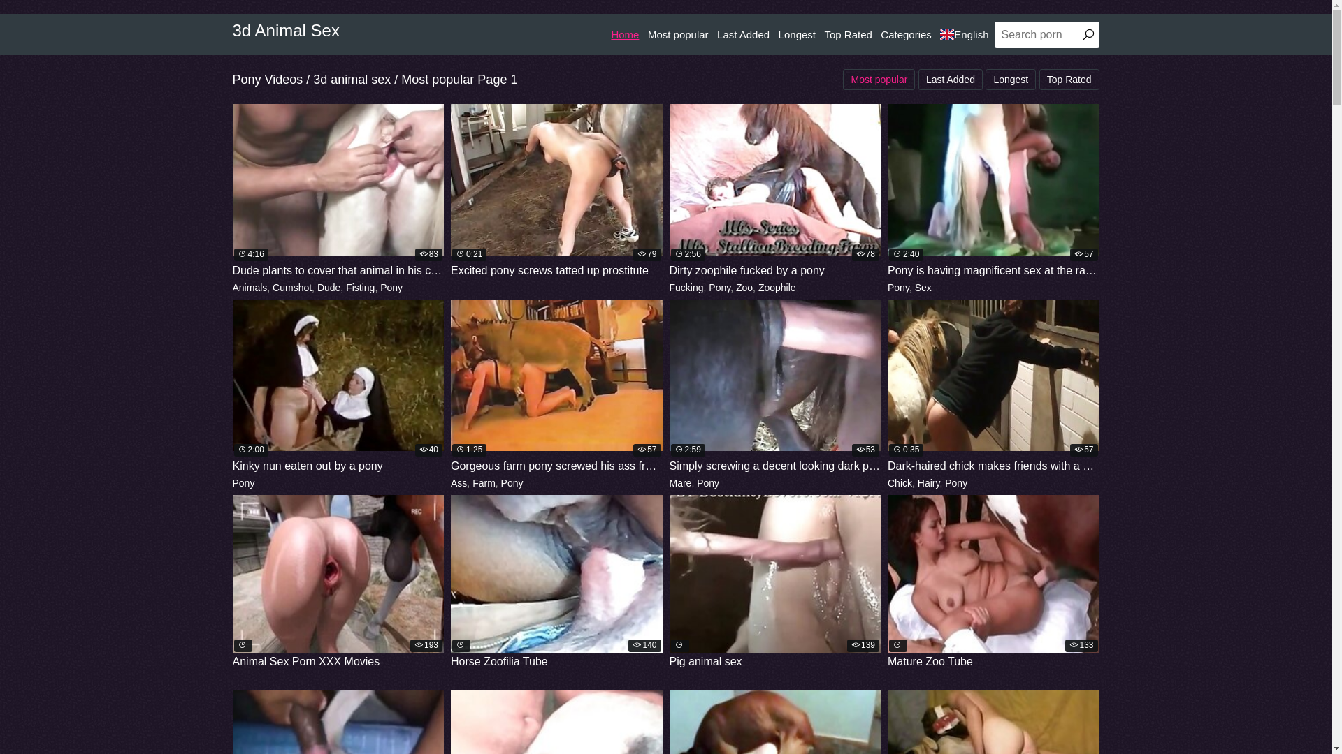 The width and height of the screenshot is (1342, 754). I want to click on '133, so click(993, 582).